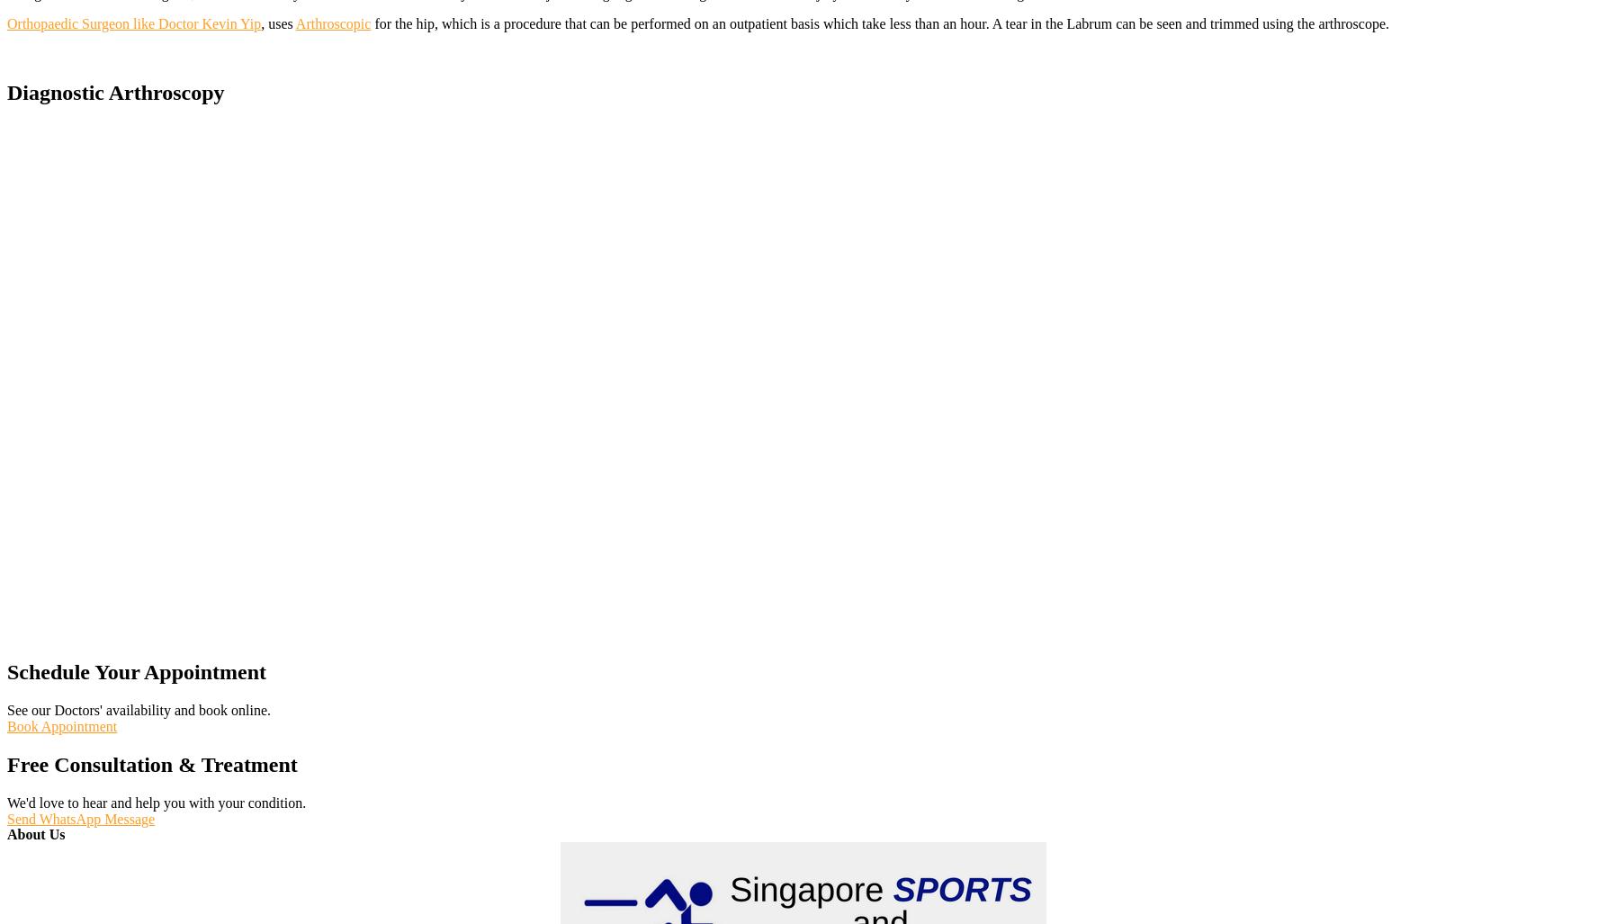 This screenshot has height=924, width=1607. I want to click on 'See our Doctors' availability and book online.', so click(138, 709).